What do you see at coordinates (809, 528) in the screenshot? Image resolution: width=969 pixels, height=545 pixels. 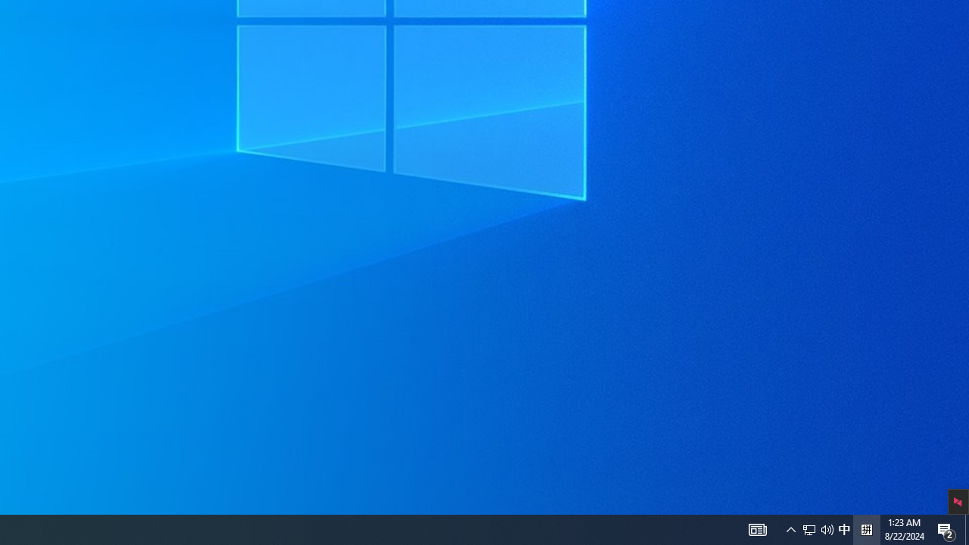 I see `'User Promoted Notification Area'` at bounding box center [809, 528].